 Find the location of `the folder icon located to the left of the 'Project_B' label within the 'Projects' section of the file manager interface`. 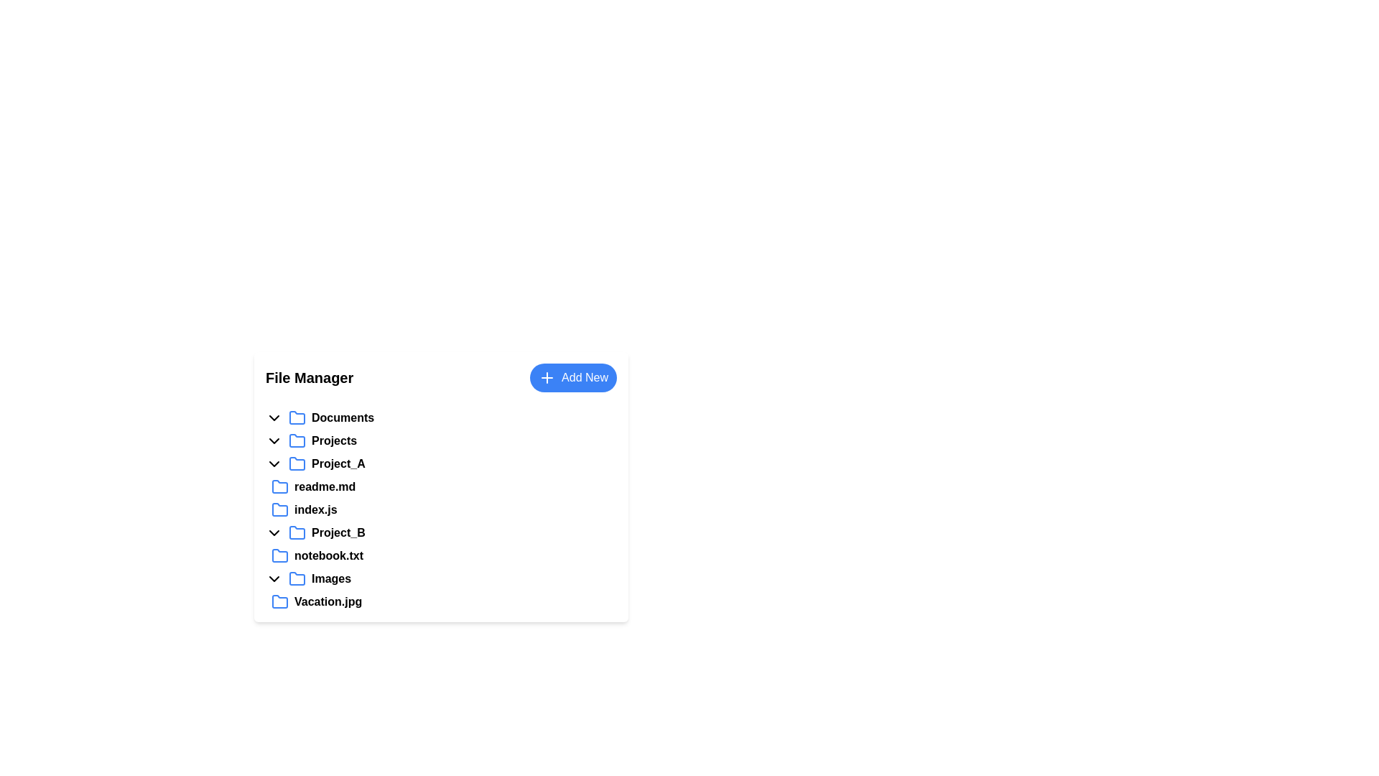

the folder icon located to the left of the 'Project_B' label within the 'Projects' section of the file manager interface is located at coordinates (296, 532).